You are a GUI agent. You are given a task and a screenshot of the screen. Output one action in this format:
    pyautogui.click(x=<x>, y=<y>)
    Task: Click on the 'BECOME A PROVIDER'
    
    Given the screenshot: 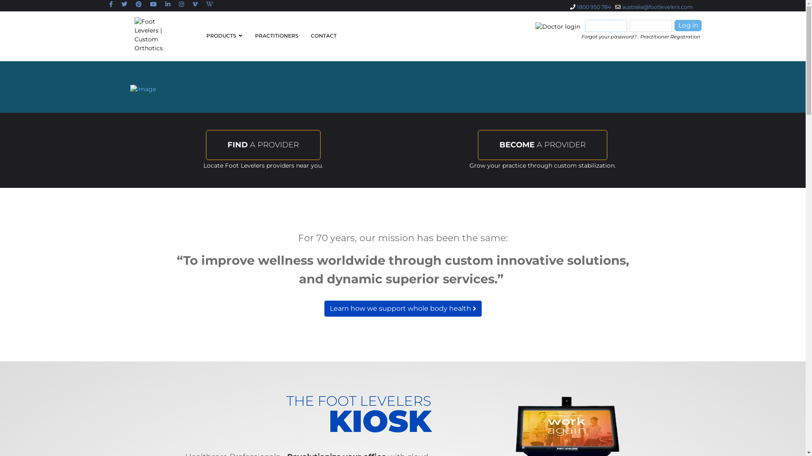 What is the action you would take?
    pyautogui.click(x=542, y=144)
    